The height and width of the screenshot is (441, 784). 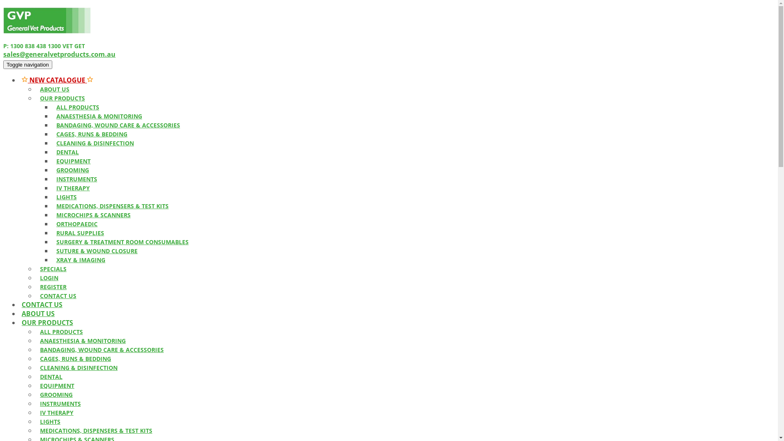 I want to click on 'MICROCHIPS & SCANNERS', so click(x=94, y=214).